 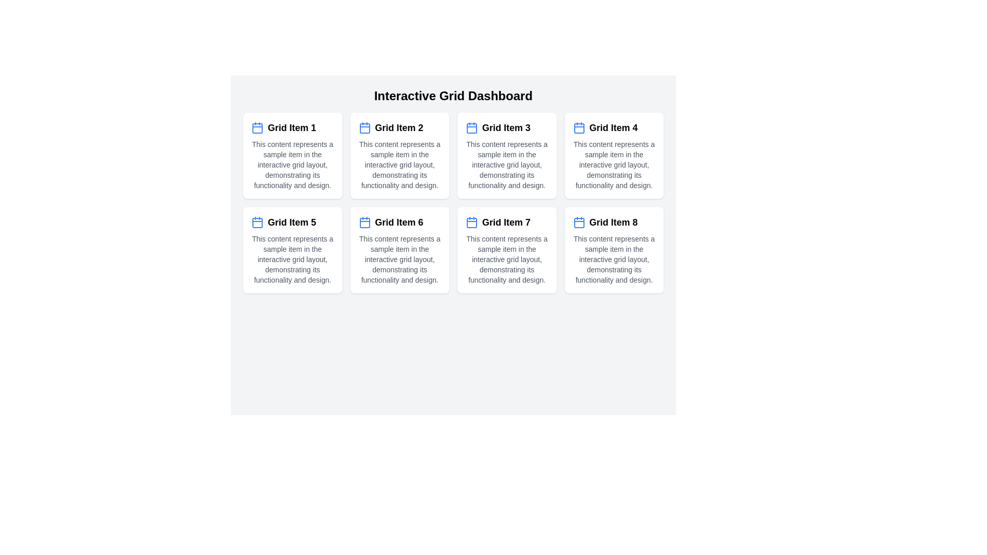 I want to click on the calendar icon located in the upper-left part of 'Grid Item 5' card, adjacent to the title label, which represents time and scheduling information, so click(x=257, y=221).